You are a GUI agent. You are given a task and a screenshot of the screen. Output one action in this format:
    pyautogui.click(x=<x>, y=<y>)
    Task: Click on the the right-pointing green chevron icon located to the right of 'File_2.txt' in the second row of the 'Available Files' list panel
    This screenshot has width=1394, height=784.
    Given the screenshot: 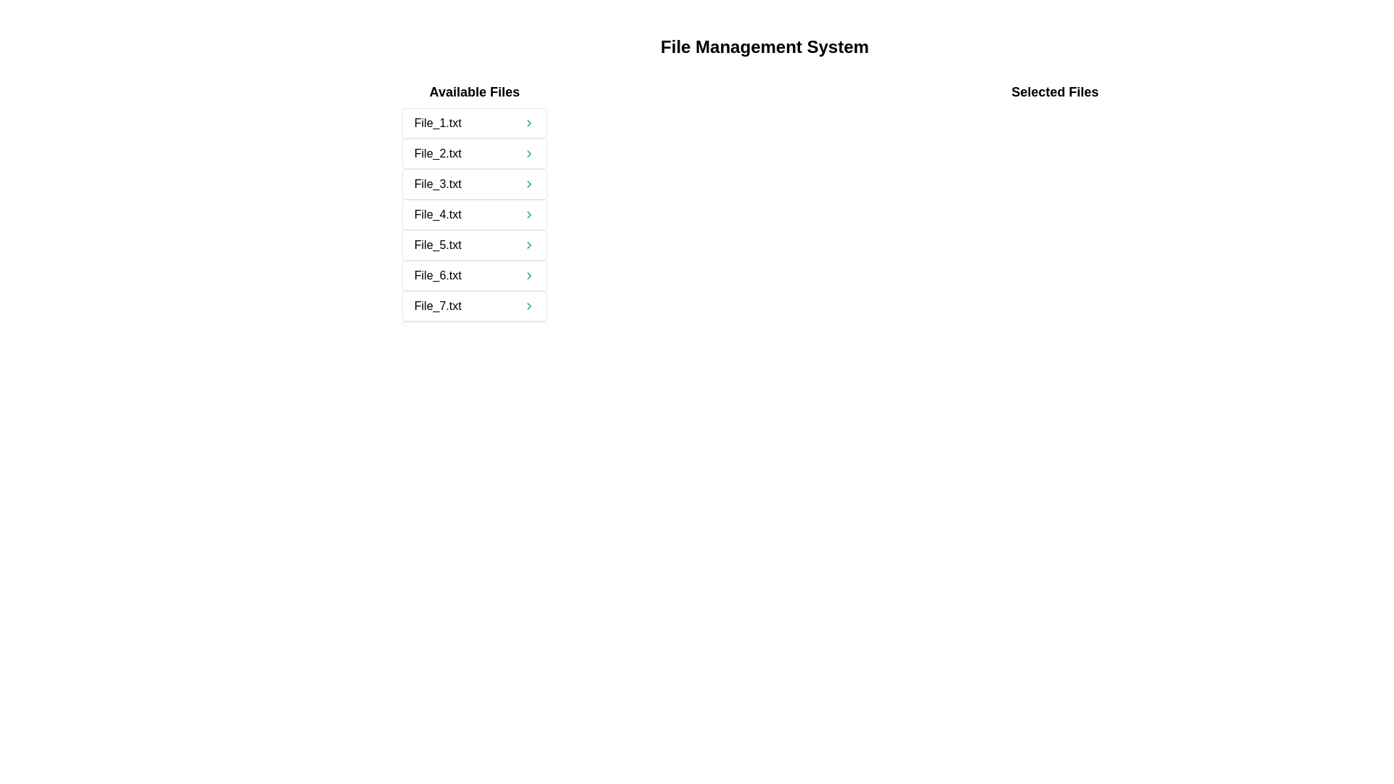 What is the action you would take?
    pyautogui.click(x=528, y=154)
    